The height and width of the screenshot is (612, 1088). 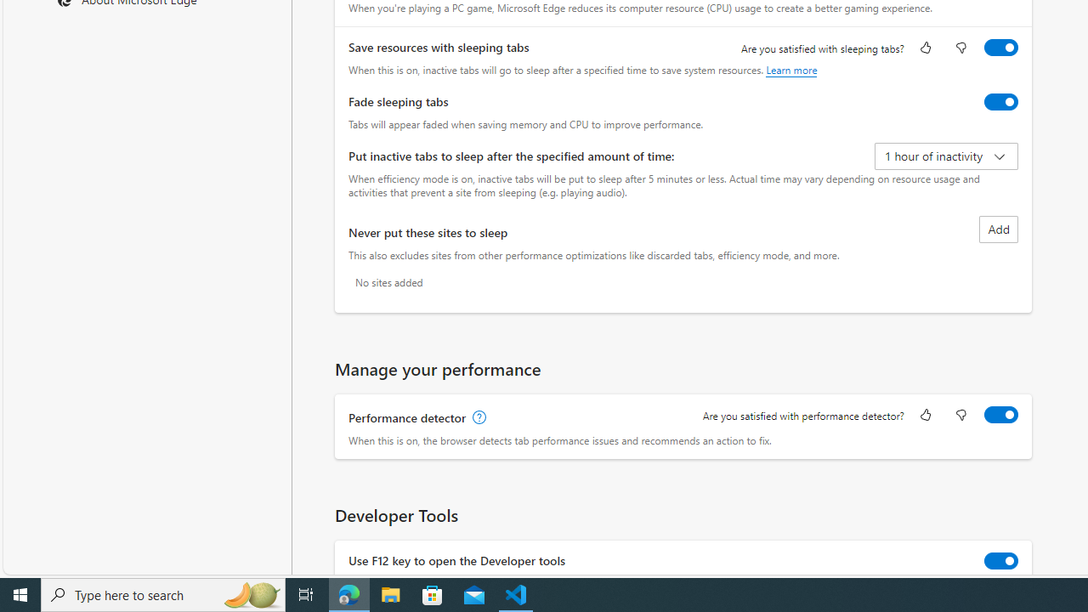 What do you see at coordinates (390, 593) in the screenshot?
I see `'File Explorer'` at bounding box center [390, 593].